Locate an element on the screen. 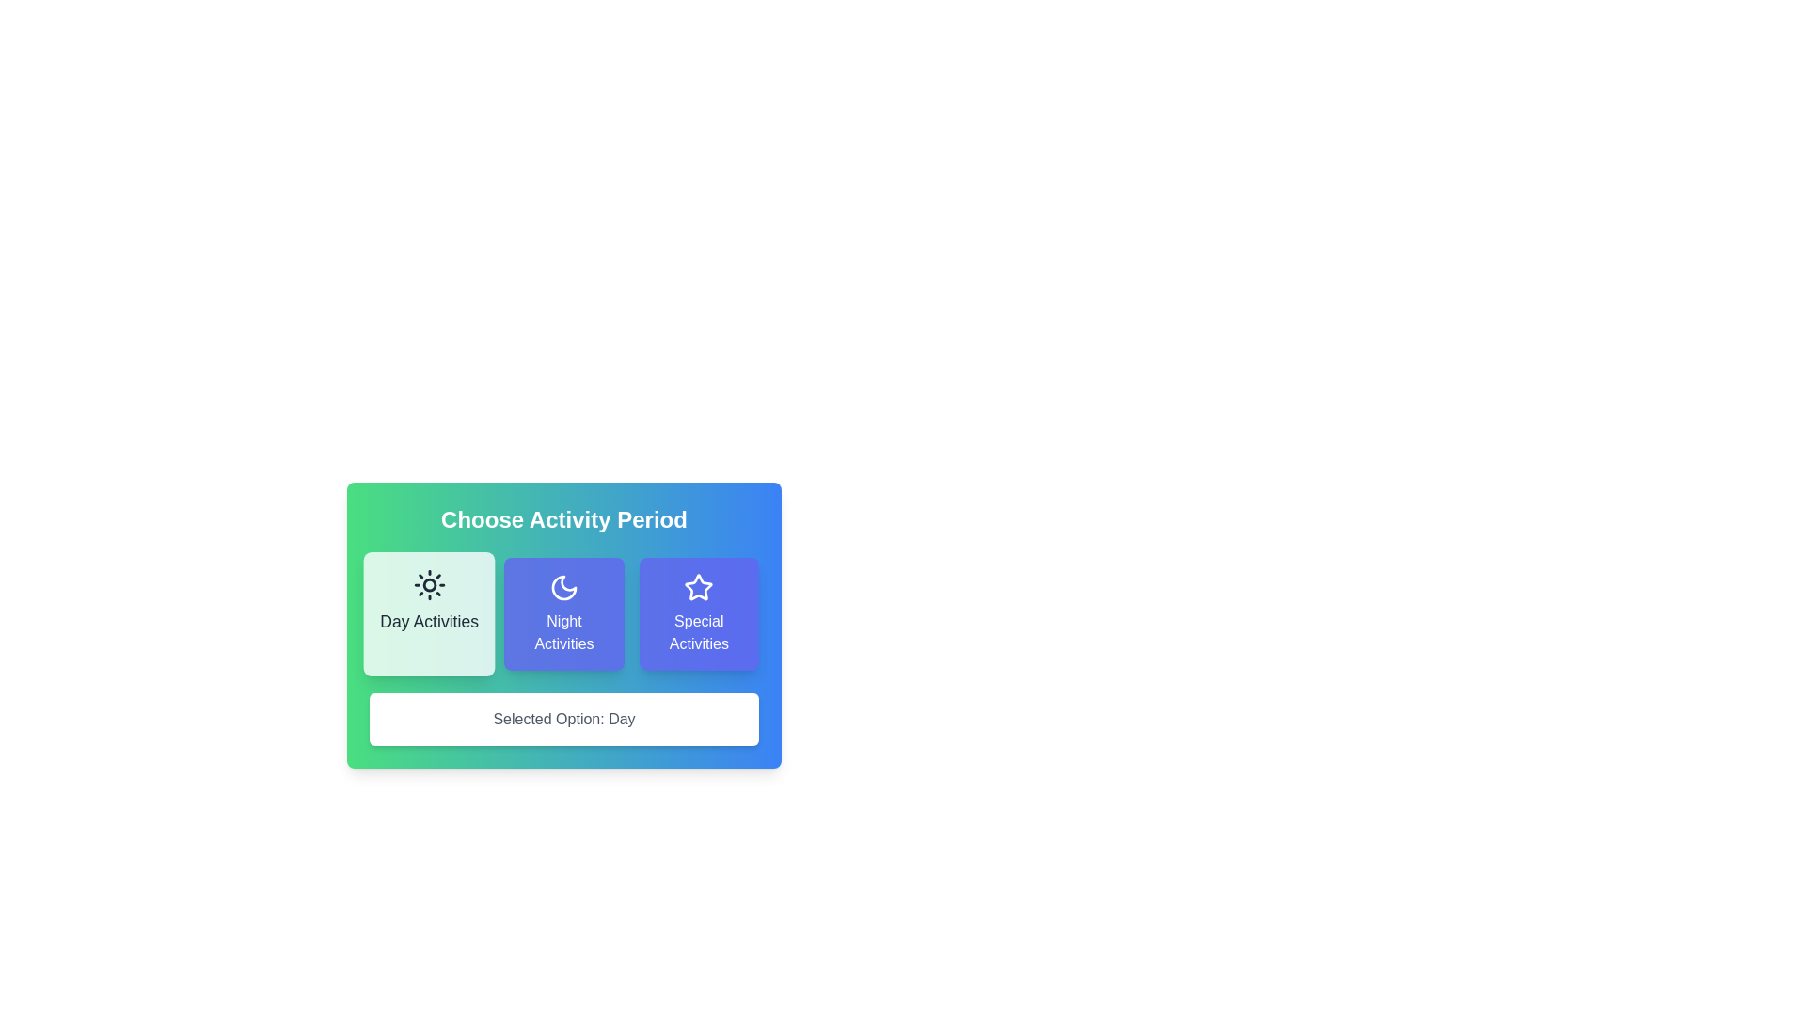 The height and width of the screenshot is (1016, 1806). the graphic element that enhances the visual representation of the sun icon, located within the 'Day Activities' option of the UI is located at coordinates (428, 584).